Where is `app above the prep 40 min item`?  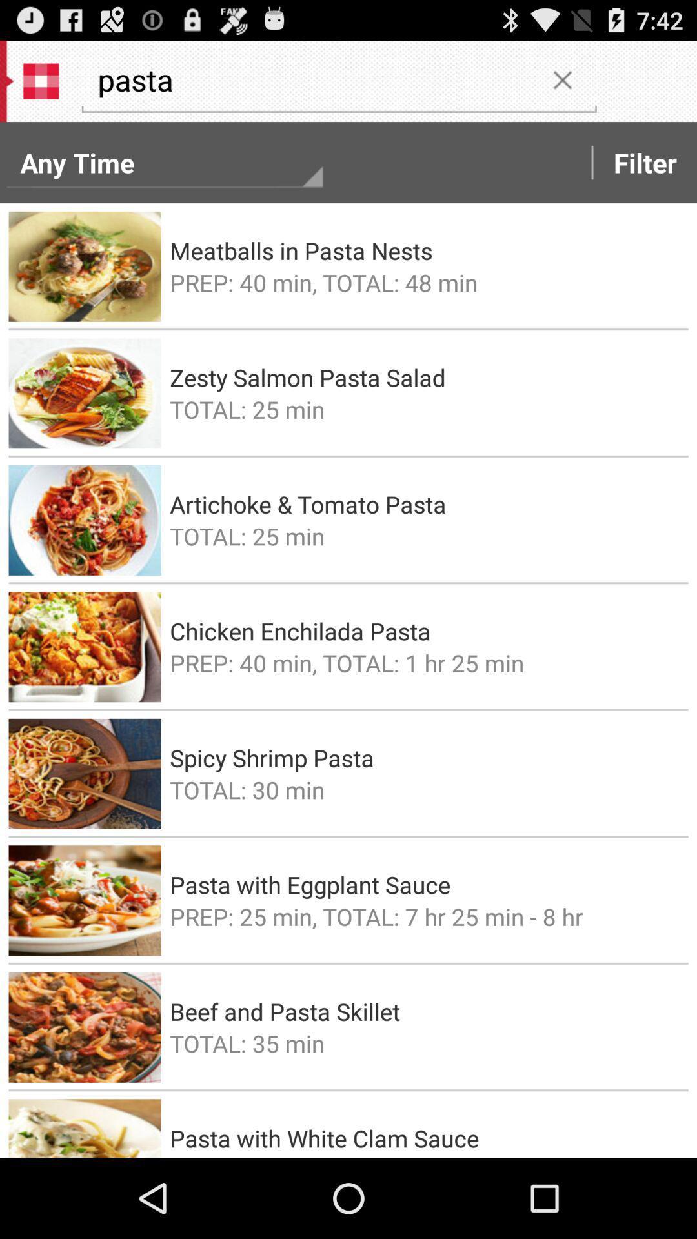 app above the prep 40 min item is located at coordinates (425, 250).